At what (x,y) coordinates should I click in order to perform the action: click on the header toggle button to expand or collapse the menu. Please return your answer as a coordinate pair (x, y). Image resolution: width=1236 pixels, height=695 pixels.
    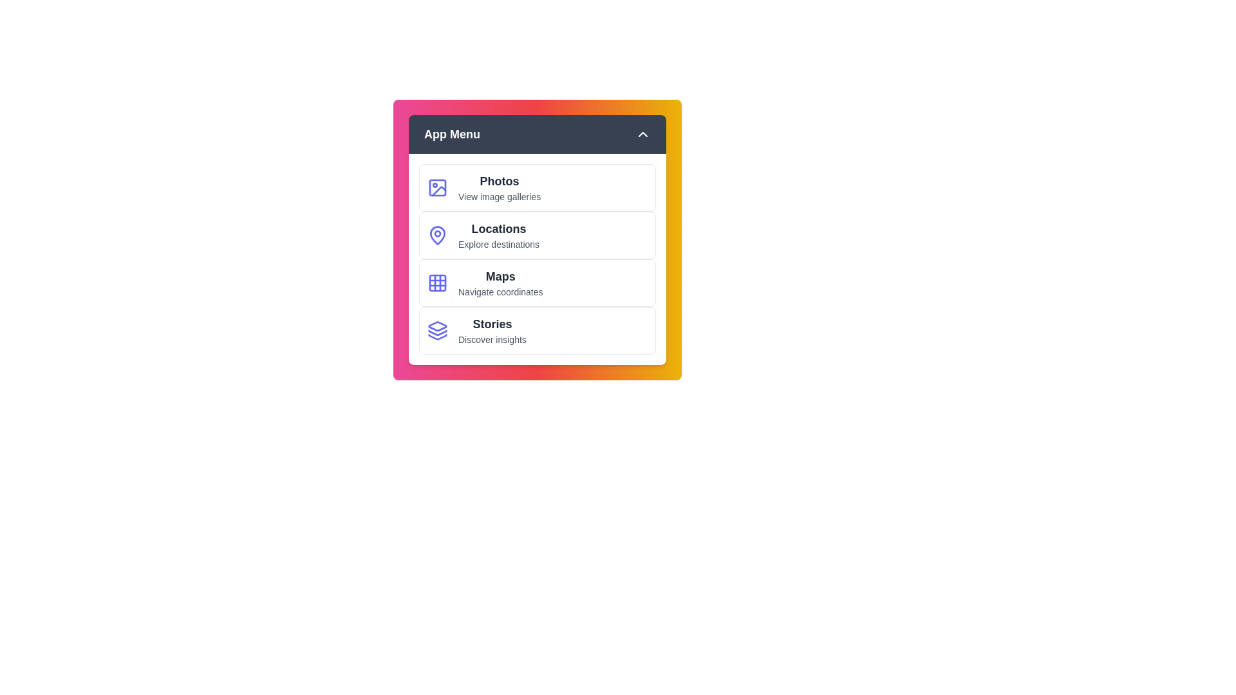
    Looking at the image, I should click on (538, 134).